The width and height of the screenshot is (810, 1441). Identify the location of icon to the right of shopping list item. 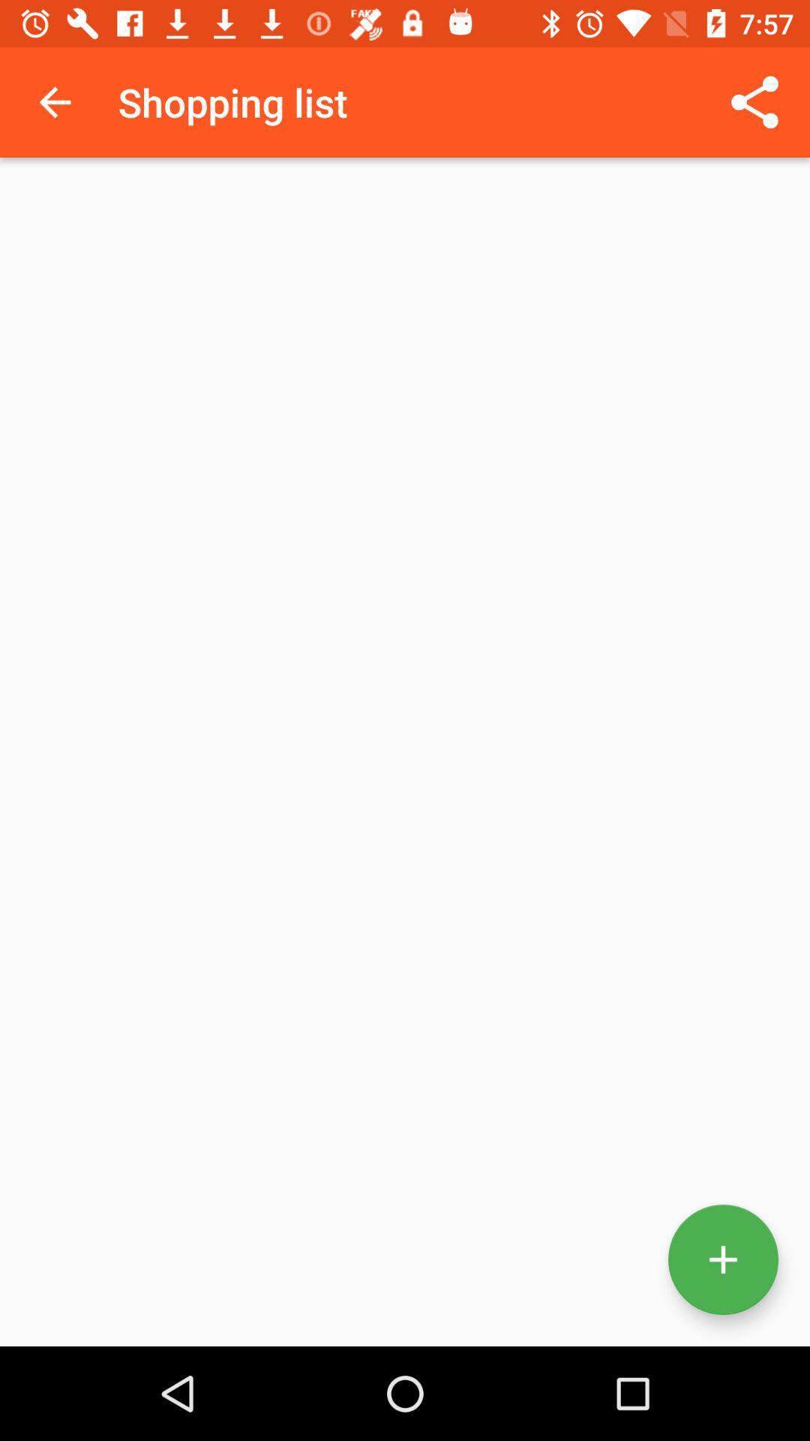
(754, 101).